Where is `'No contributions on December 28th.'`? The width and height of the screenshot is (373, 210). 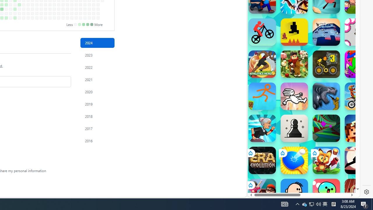
'No contributions on December 28th.' is located at coordinates (98, 17).